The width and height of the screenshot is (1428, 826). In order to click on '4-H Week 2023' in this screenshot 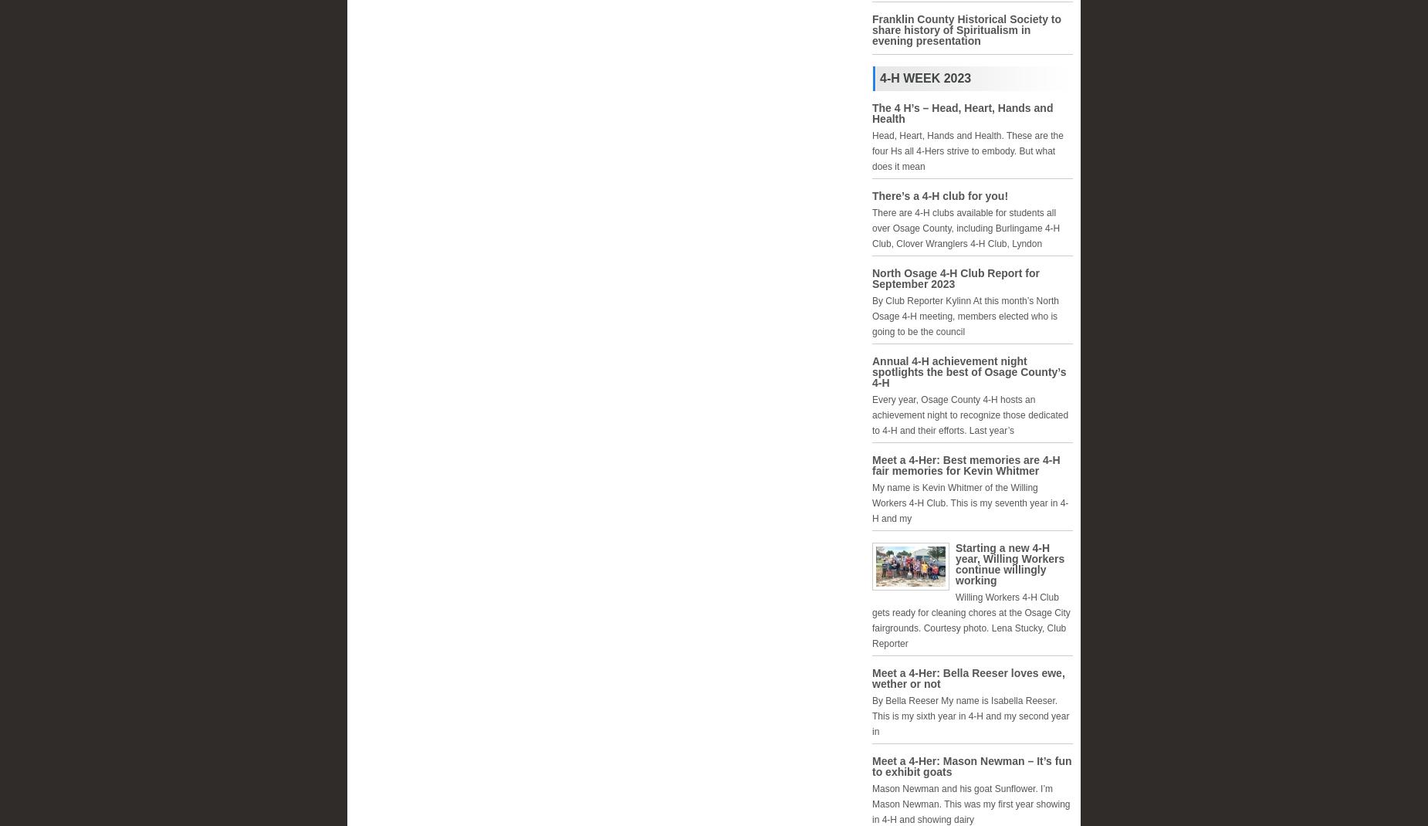, I will do `click(924, 78)`.